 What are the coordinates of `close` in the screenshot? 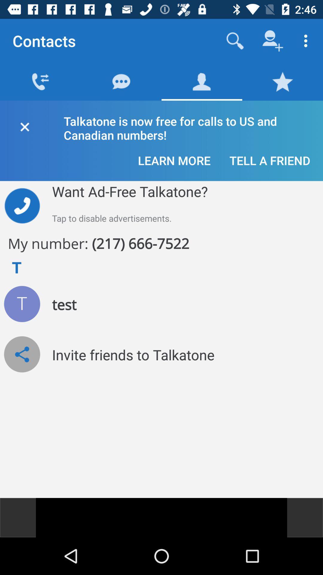 It's located at (24, 125).